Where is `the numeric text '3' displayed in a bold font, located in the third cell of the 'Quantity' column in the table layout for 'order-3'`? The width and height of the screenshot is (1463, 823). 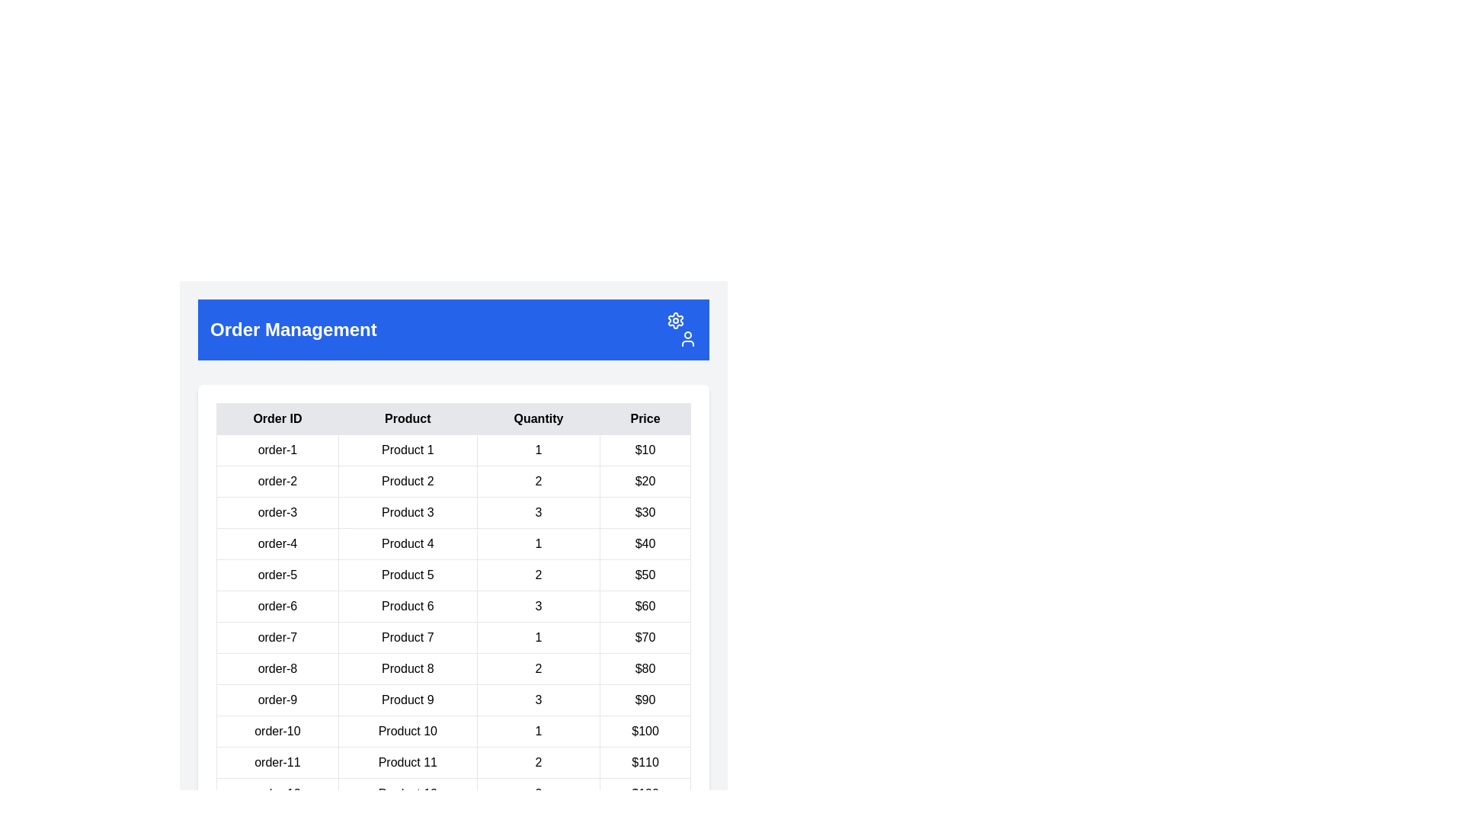 the numeric text '3' displayed in a bold font, located in the third cell of the 'Quantity' column in the table layout for 'order-3' is located at coordinates (538, 512).